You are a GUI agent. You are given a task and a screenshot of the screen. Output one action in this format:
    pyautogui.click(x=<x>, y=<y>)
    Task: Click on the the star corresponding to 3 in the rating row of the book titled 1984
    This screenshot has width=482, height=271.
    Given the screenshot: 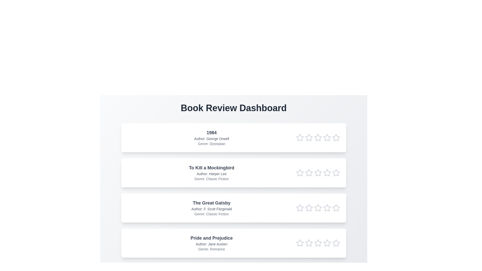 What is the action you would take?
    pyautogui.click(x=318, y=138)
    